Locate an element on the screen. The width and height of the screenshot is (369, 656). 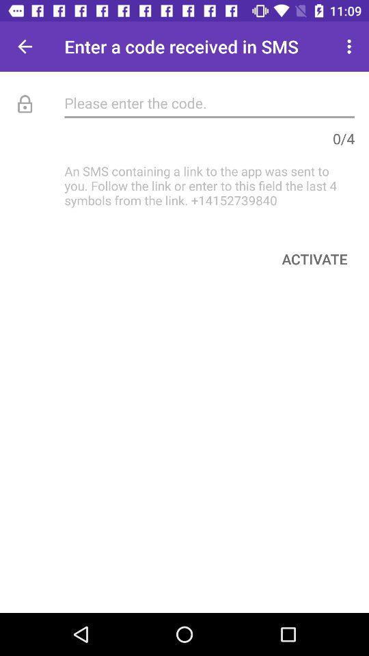
previous is located at coordinates (25, 46).